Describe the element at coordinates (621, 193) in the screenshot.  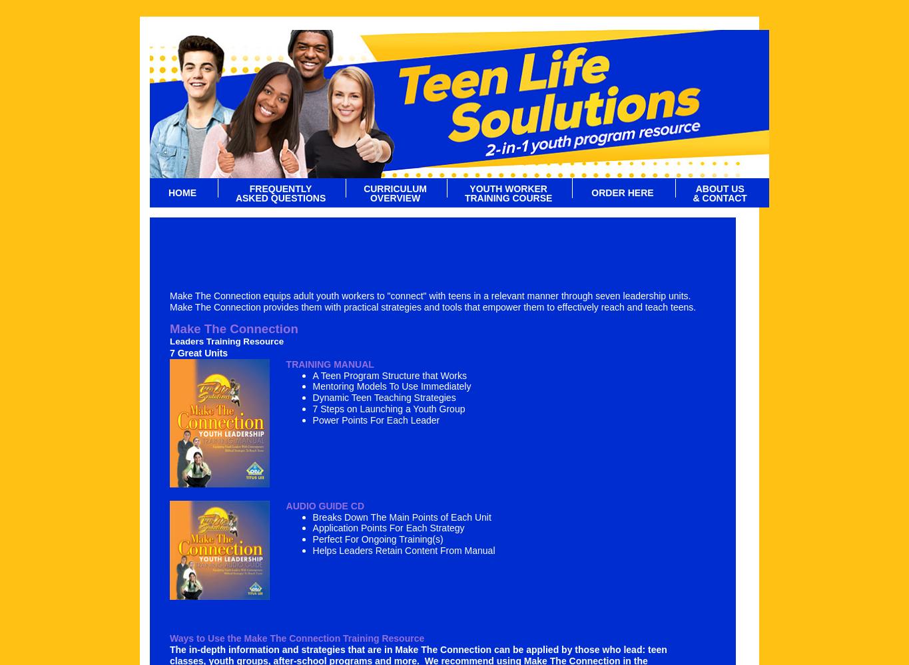
I see `'Order Here'` at that location.